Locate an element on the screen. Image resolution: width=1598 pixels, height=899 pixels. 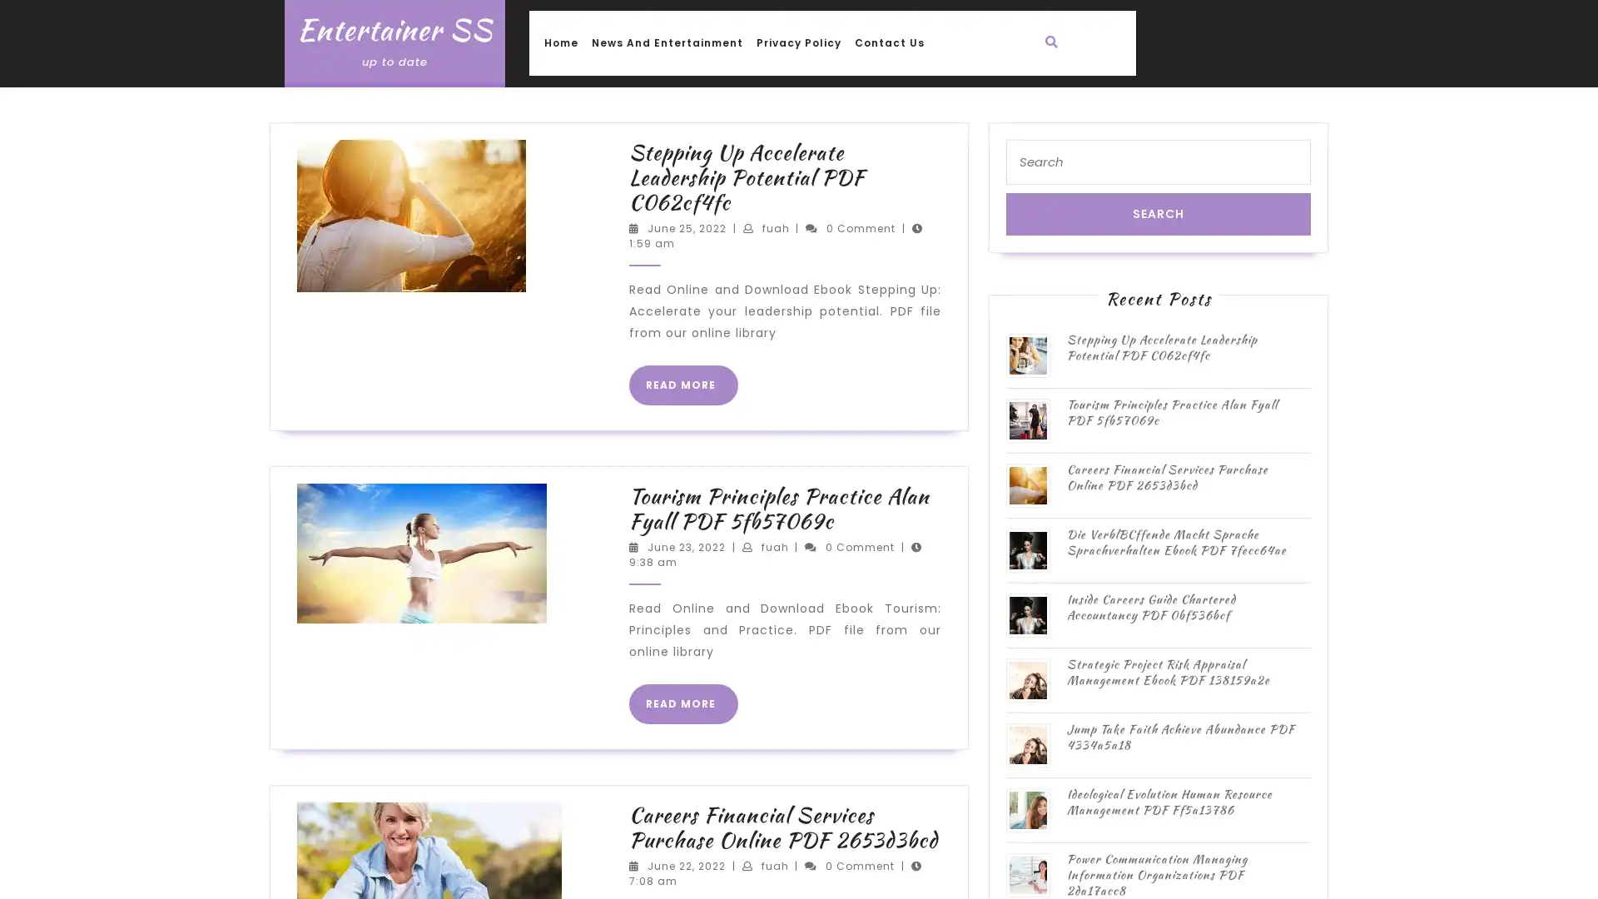
Search is located at coordinates (1158, 213).